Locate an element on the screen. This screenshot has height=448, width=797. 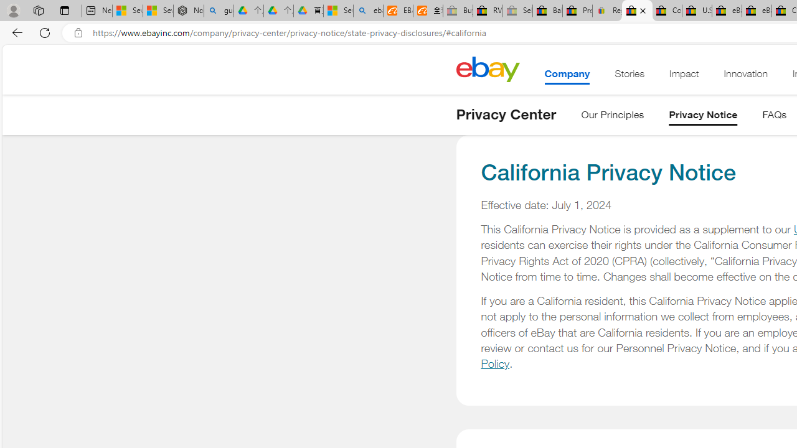
'Privacy Center' is located at coordinates (506, 114).